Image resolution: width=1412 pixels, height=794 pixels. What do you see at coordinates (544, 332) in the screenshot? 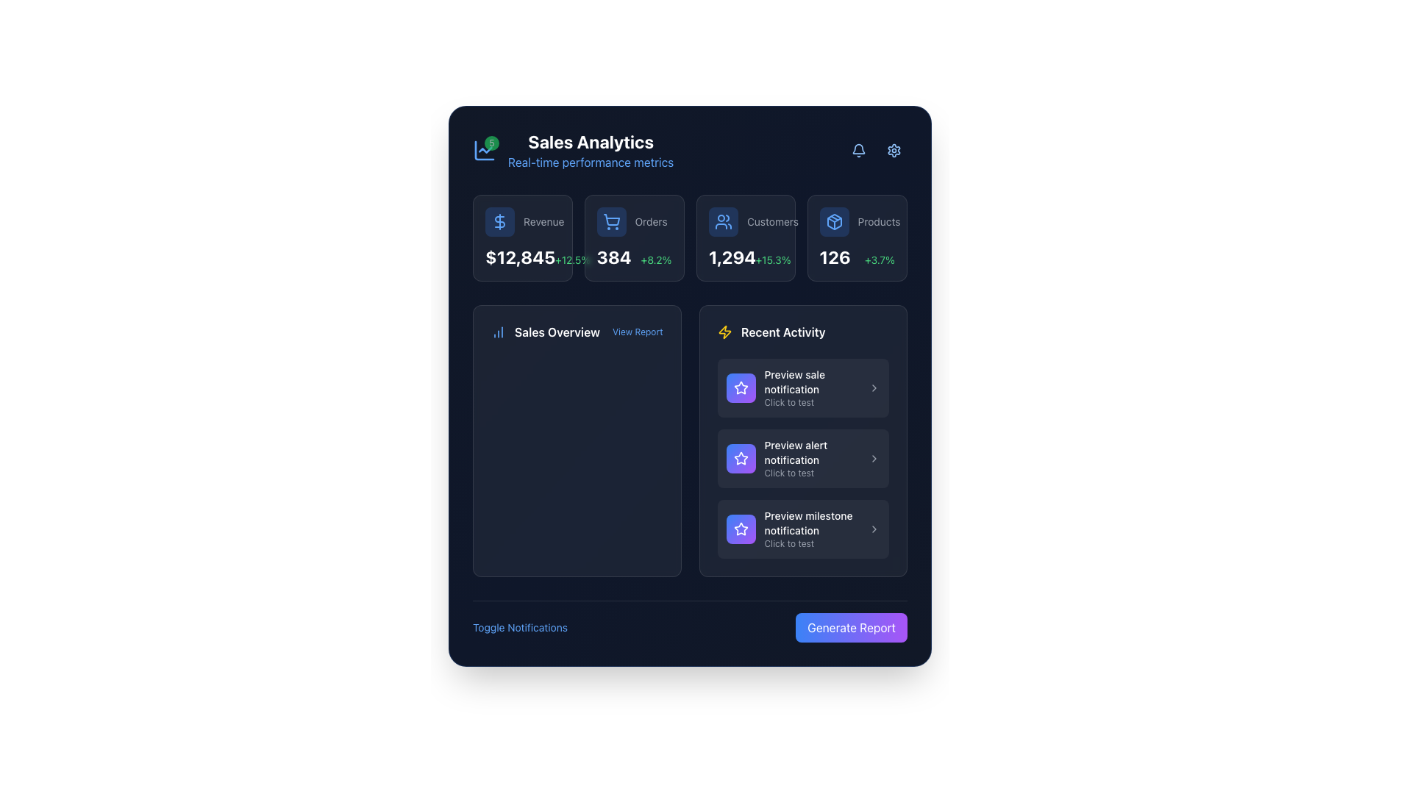
I see `the header text element that provides context for the section, located at the top-left side of the section, which is the first visible element before the 'View Report' link` at bounding box center [544, 332].